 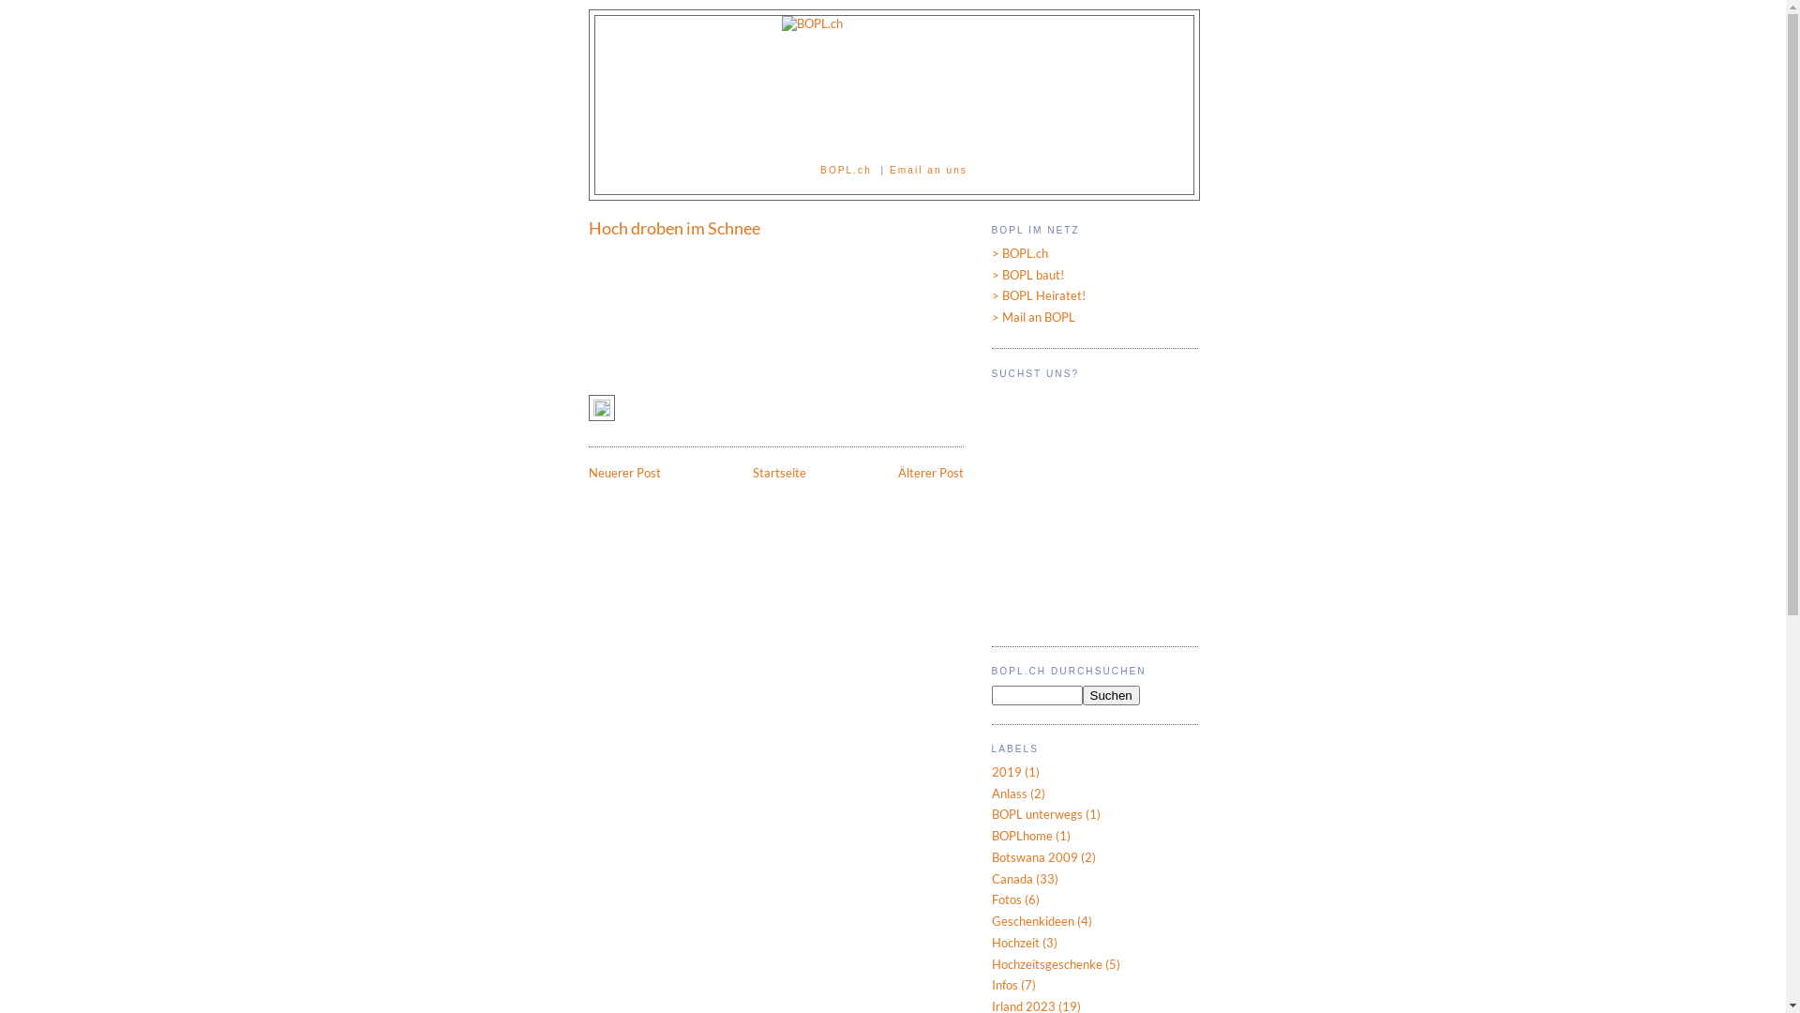 What do you see at coordinates (1006, 899) in the screenshot?
I see `'Fotos'` at bounding box center [1006, 899].